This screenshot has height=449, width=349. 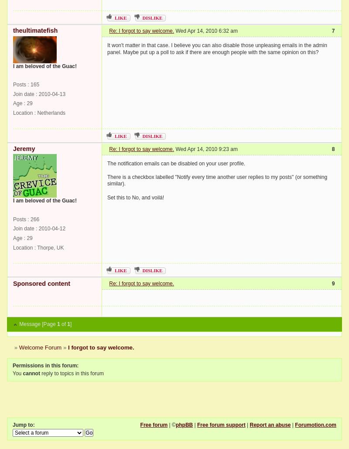 I want to click on 'Thorpe, UK', so click(x=50, y=247).